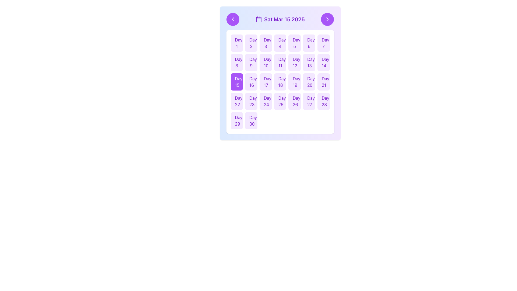 The image size is (517, 291). I want to click on the button labeled 'Day 6', which has a light purple background and is positioned in the first row, sixth column of the grid layout, so click(309, 43).